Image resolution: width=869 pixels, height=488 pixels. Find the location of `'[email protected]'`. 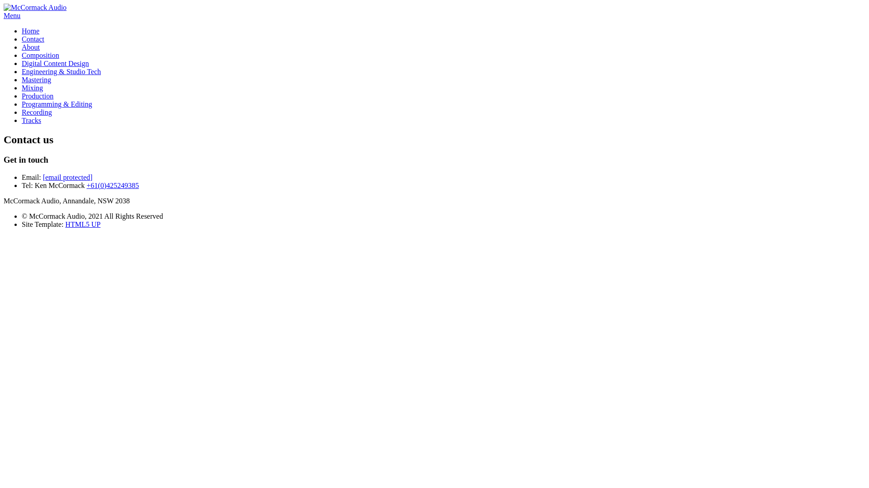

'[email protected]' is located at coordinates (67, 177).